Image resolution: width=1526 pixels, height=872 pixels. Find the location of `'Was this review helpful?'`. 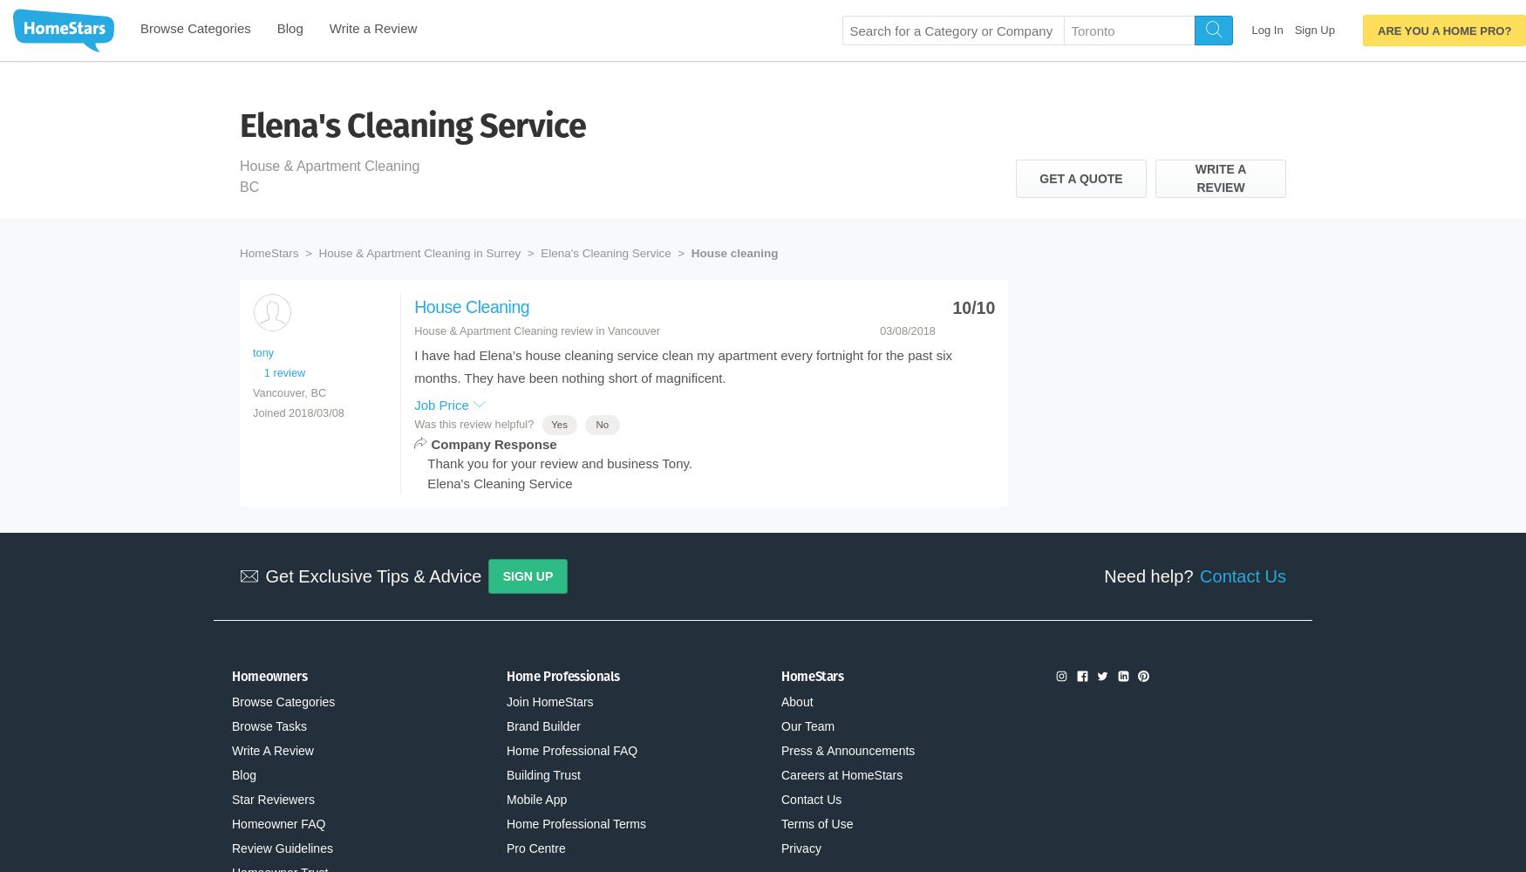

'Was this review helpful?' is located at coordinates (473, 423).